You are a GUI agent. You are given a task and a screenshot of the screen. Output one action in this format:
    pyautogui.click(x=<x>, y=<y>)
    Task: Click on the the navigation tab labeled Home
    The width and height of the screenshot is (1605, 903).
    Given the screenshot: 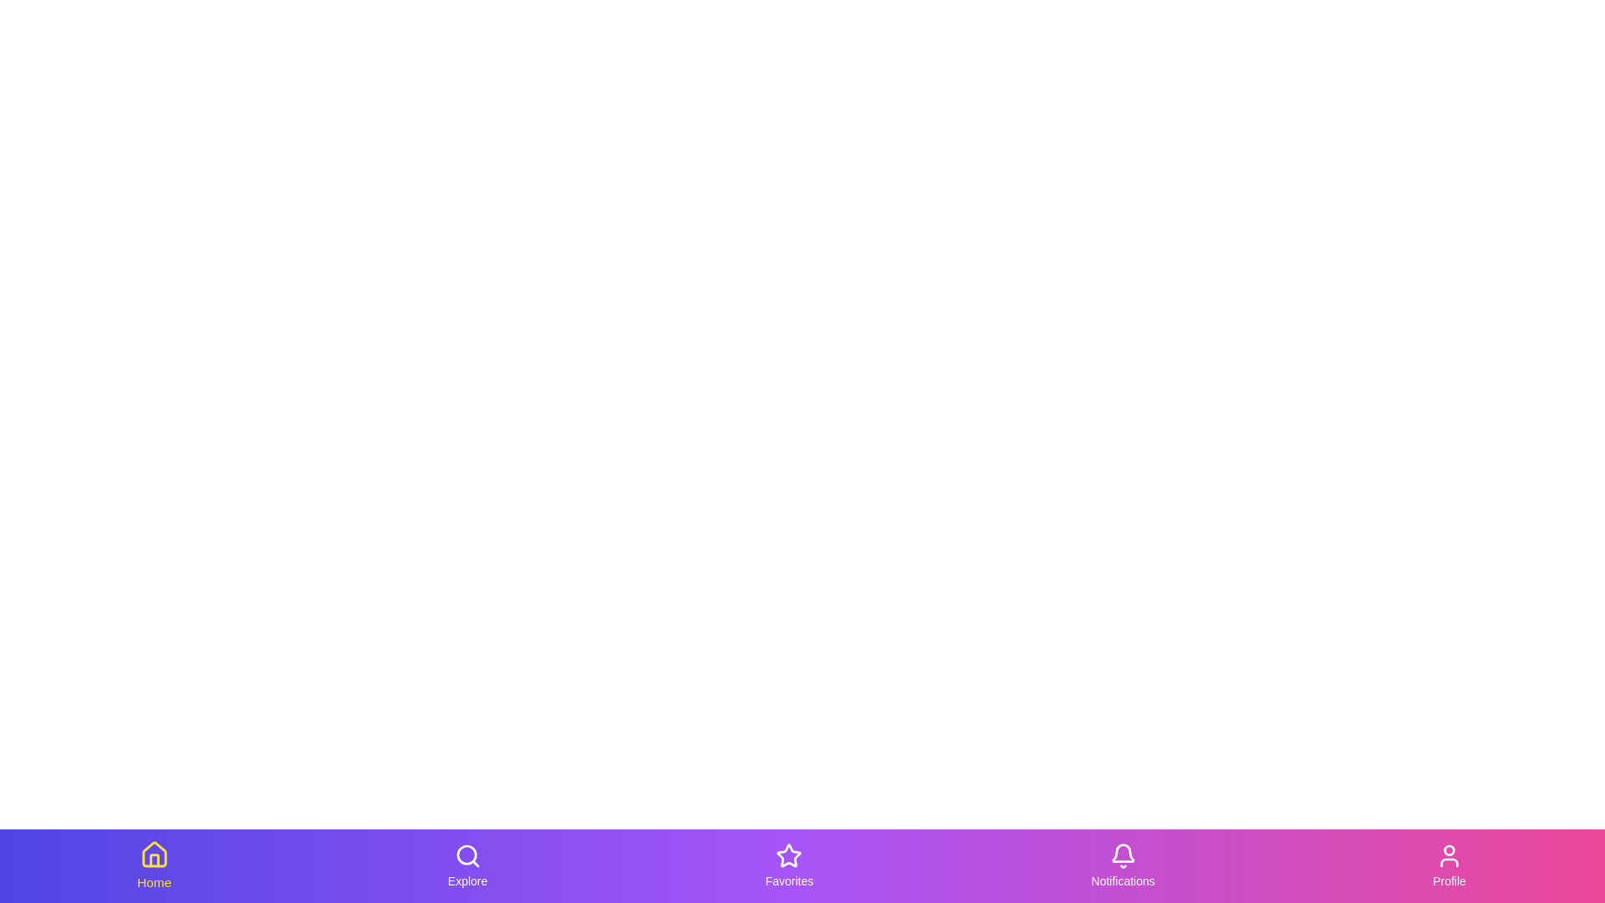 What is the action you would take?
    pyautogui.click(x=154, y=865)
    